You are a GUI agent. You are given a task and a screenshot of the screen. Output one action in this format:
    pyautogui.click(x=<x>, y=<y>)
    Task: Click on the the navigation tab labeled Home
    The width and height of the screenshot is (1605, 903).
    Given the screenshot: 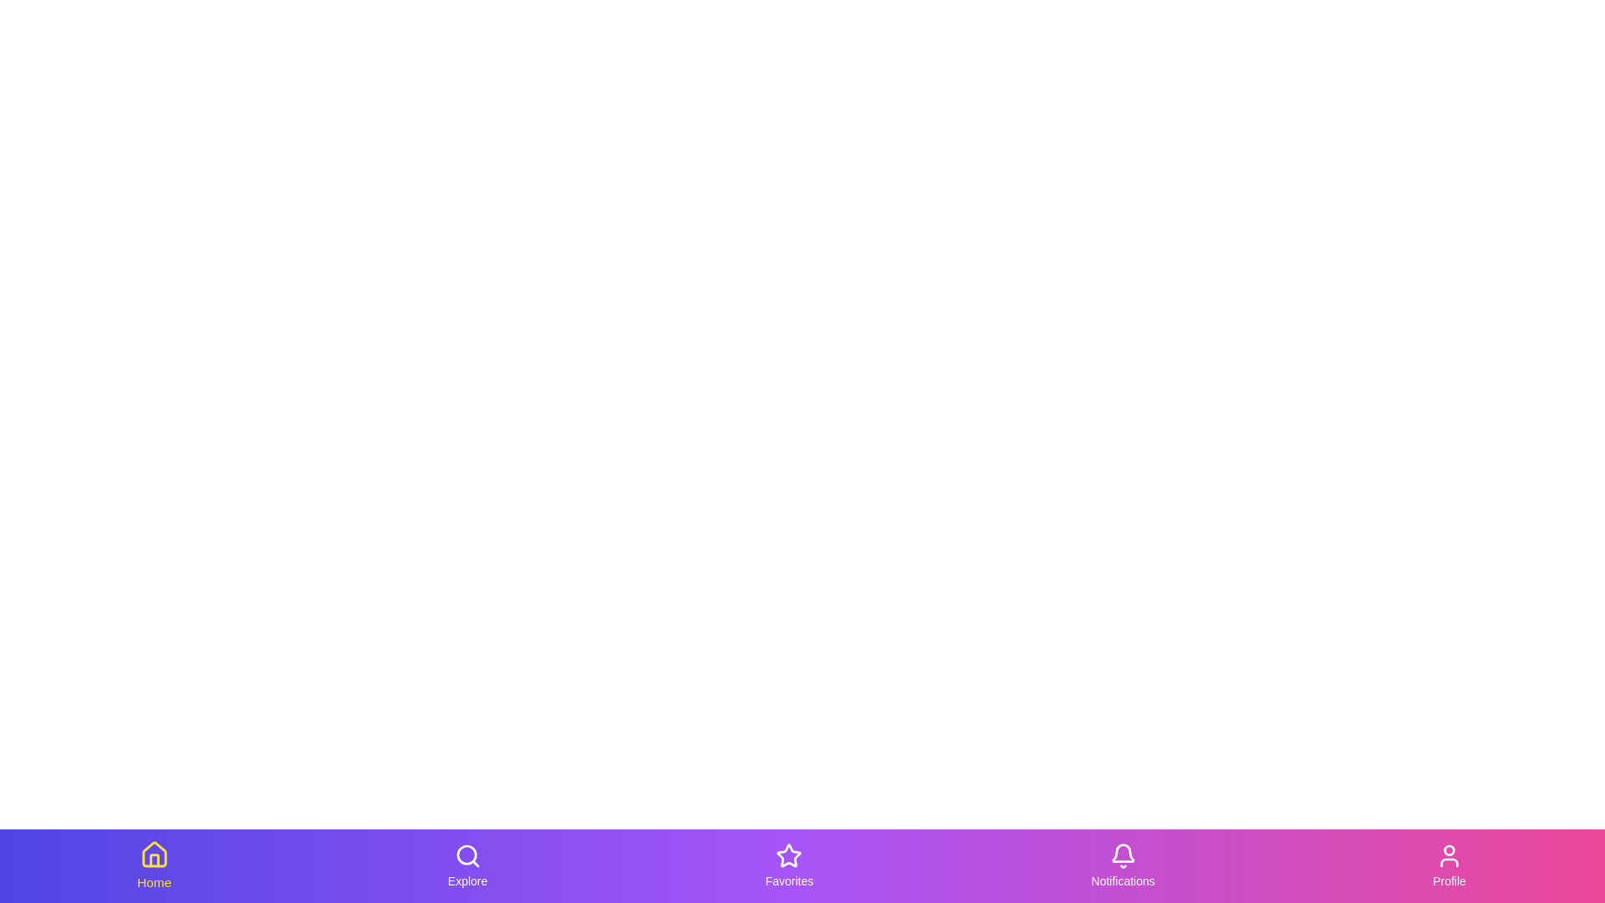 What is the action you would take?
    pyautogui.click(x=154, y=865)
    